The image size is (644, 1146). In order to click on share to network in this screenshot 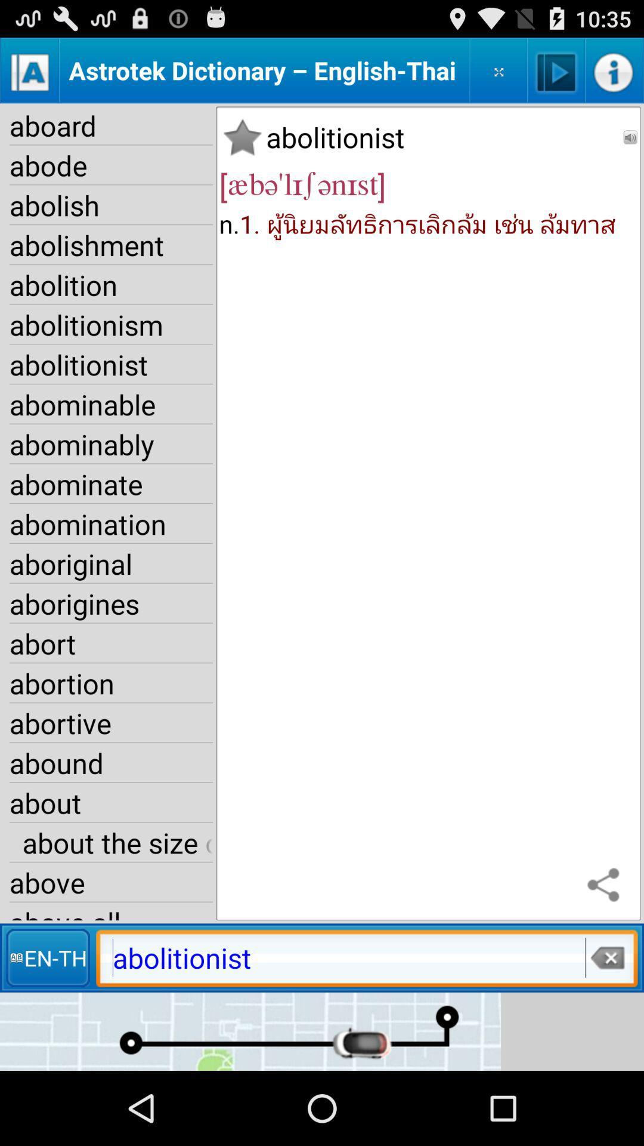, I will do `click(606, 886)`.